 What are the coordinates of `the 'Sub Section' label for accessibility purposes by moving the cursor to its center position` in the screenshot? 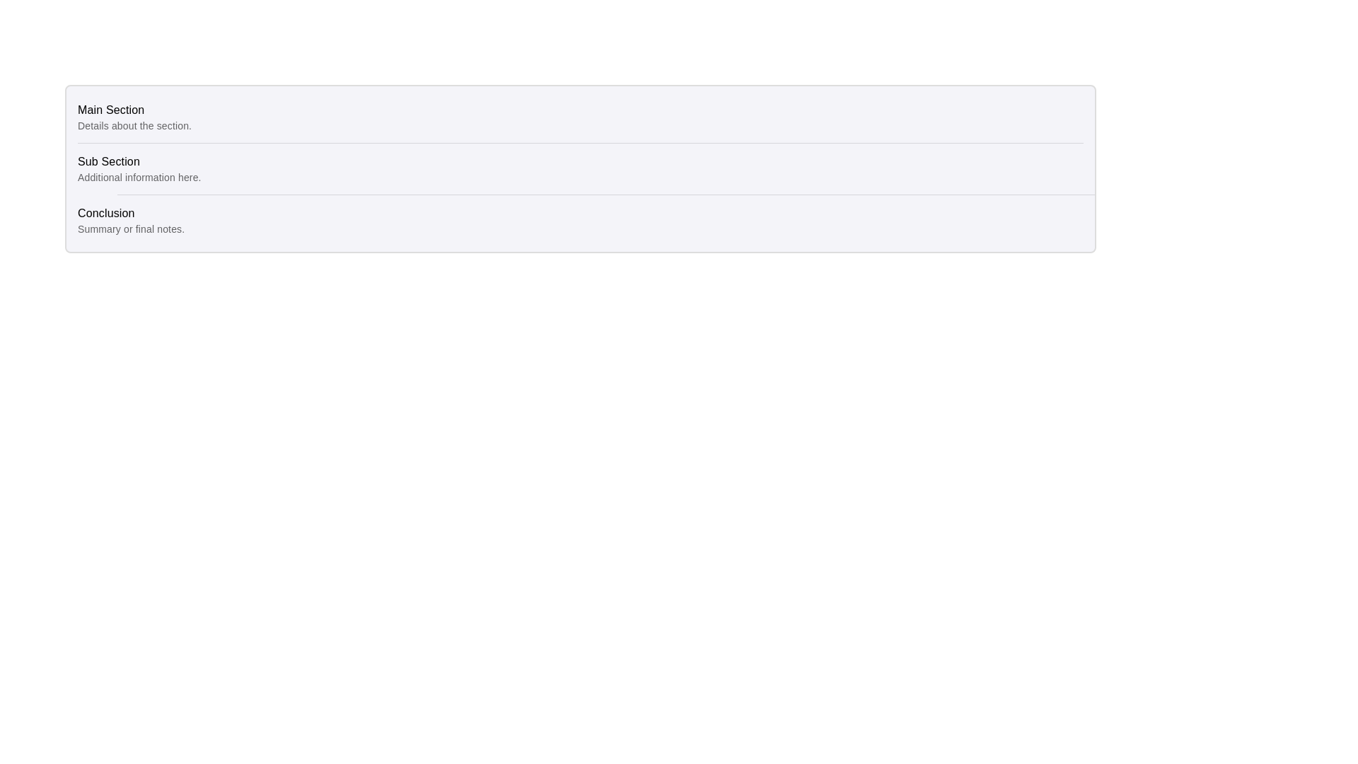 It's located at (580, 161).